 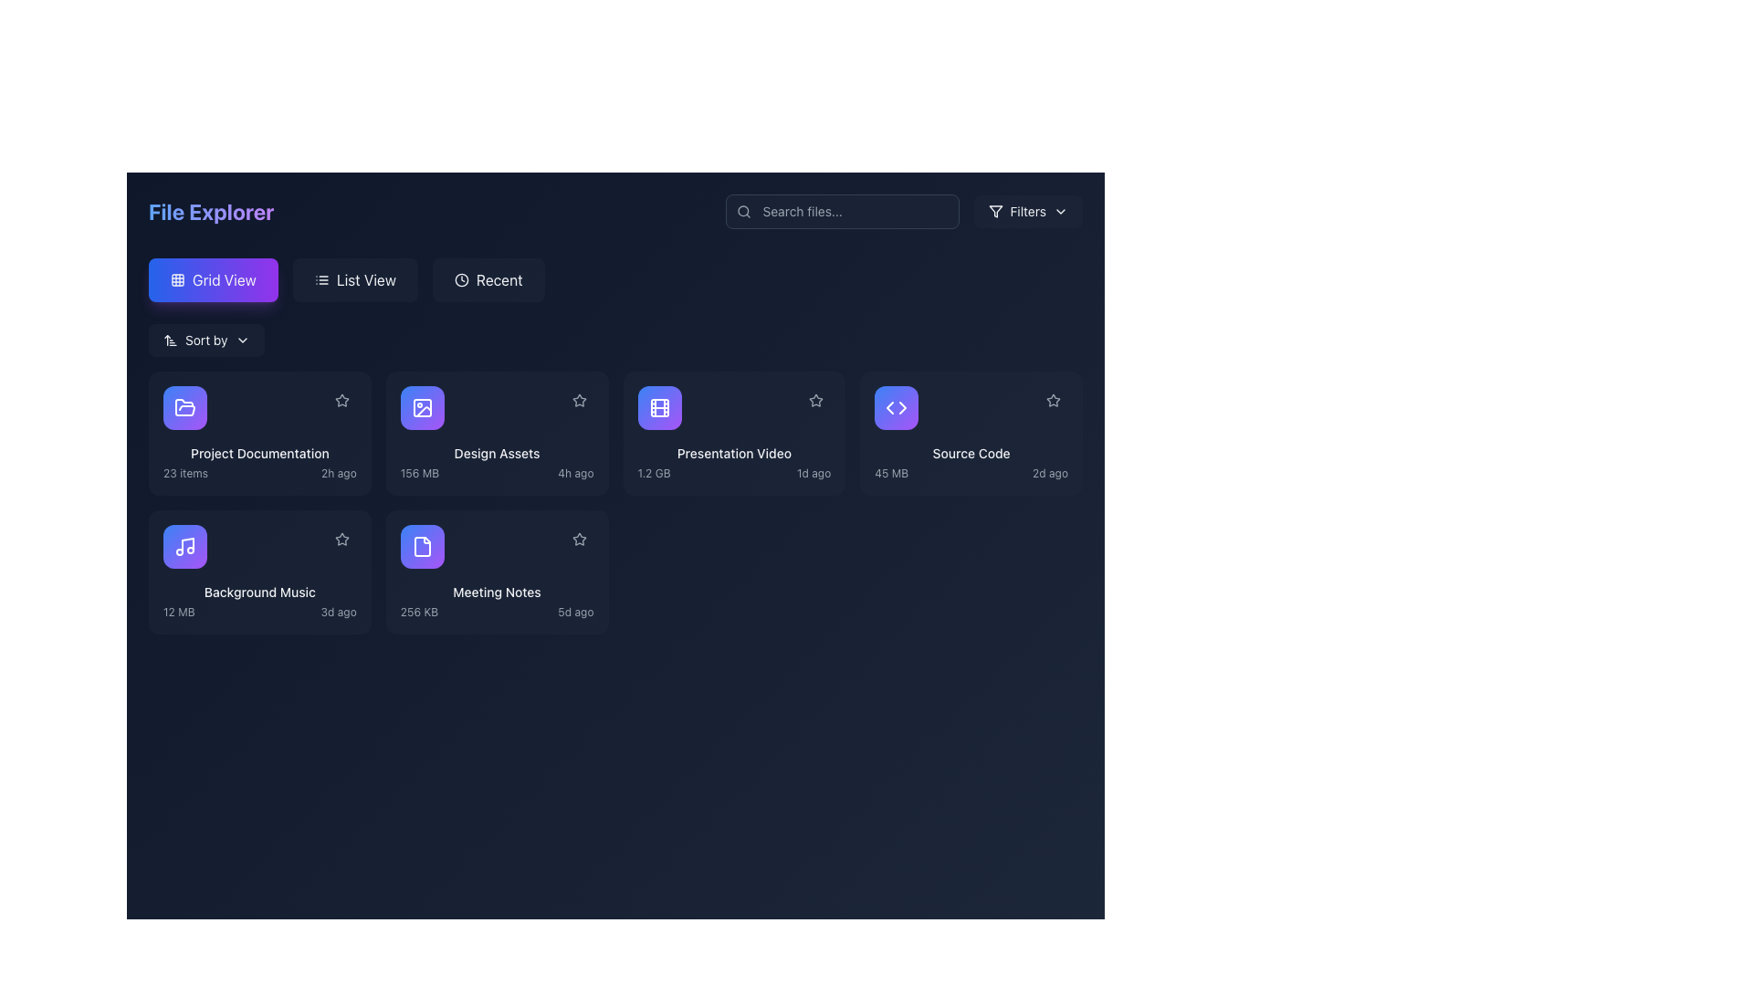 I want to click on the 'Filters' button, which contains an icon resembling a funnel, located at the top-right section of the interface, so click(x=994, y=210).